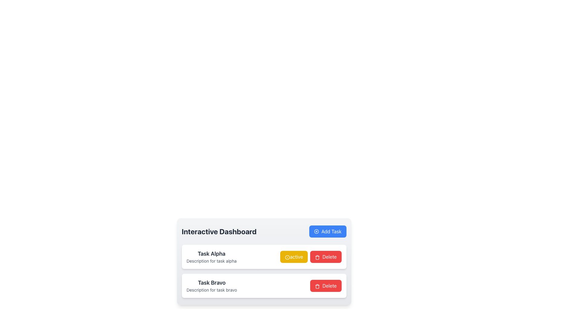  I want to click on the text label displaying 'Description for task bravo', which is styled in gray and located below the title 'Task Bravo' in the 'Interactive Dashboard', so click(212, 289).